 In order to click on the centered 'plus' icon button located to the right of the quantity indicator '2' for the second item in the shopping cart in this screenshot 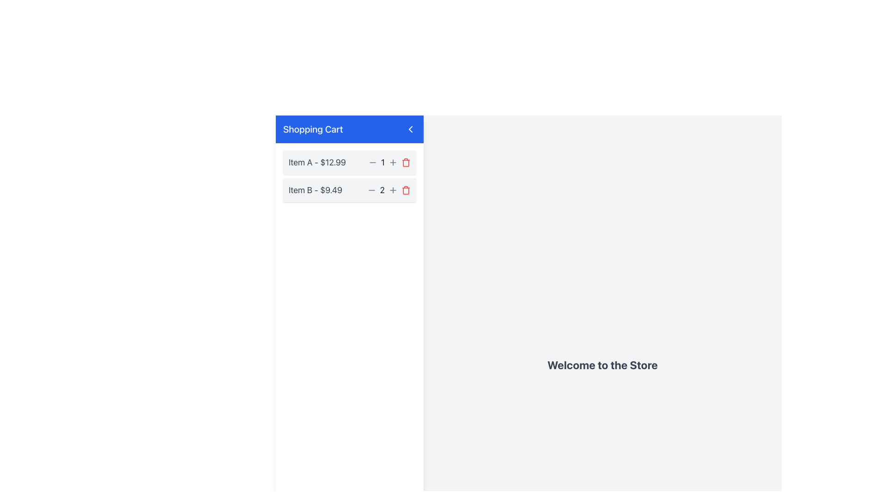, I will do `click(393, 190)`.